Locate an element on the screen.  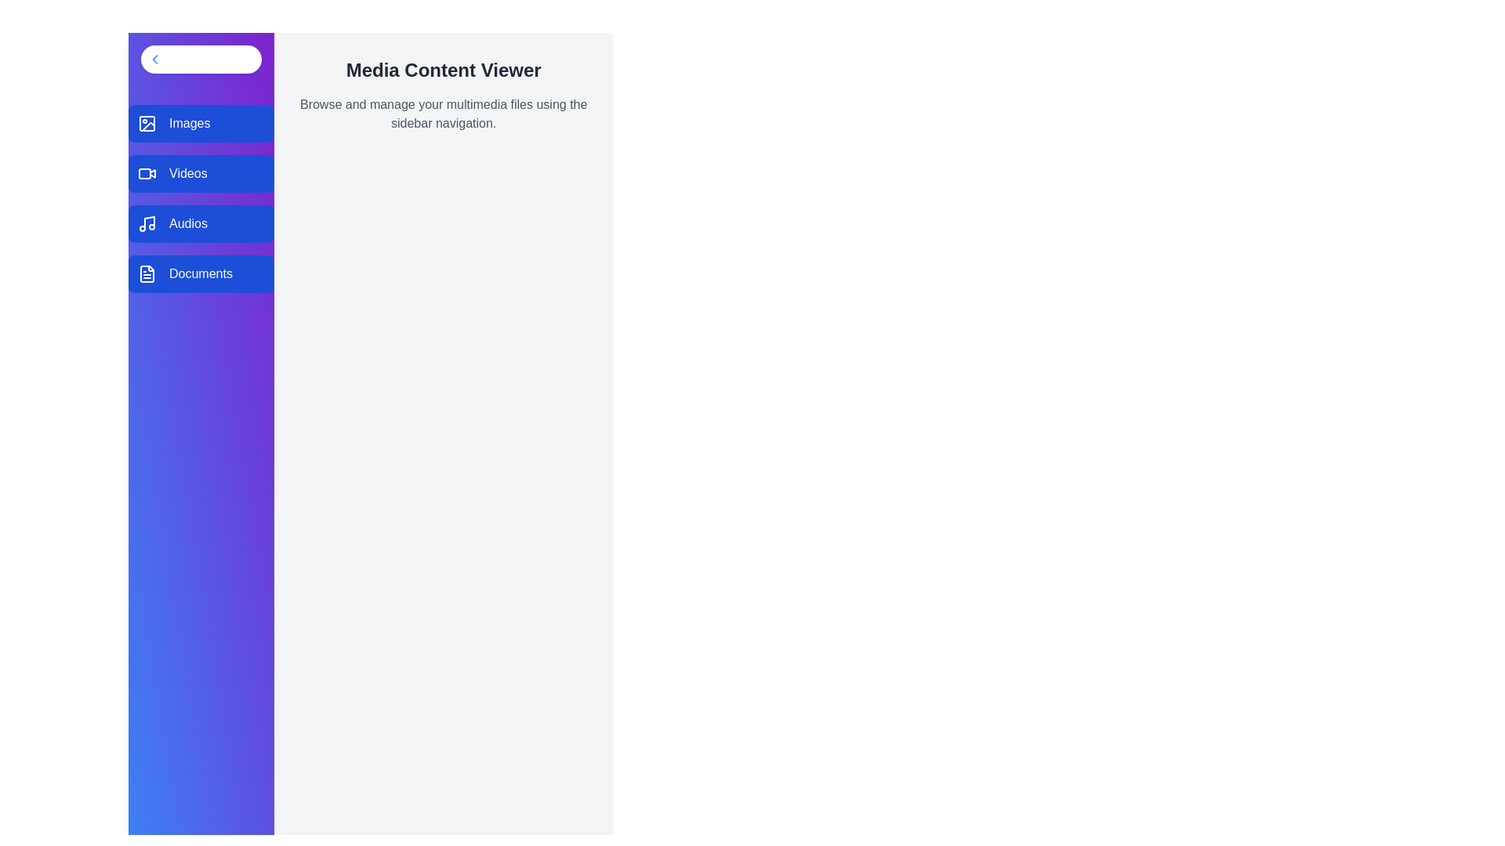
the sidebar option corresponding to Audios is located at coordinates (201, 223).